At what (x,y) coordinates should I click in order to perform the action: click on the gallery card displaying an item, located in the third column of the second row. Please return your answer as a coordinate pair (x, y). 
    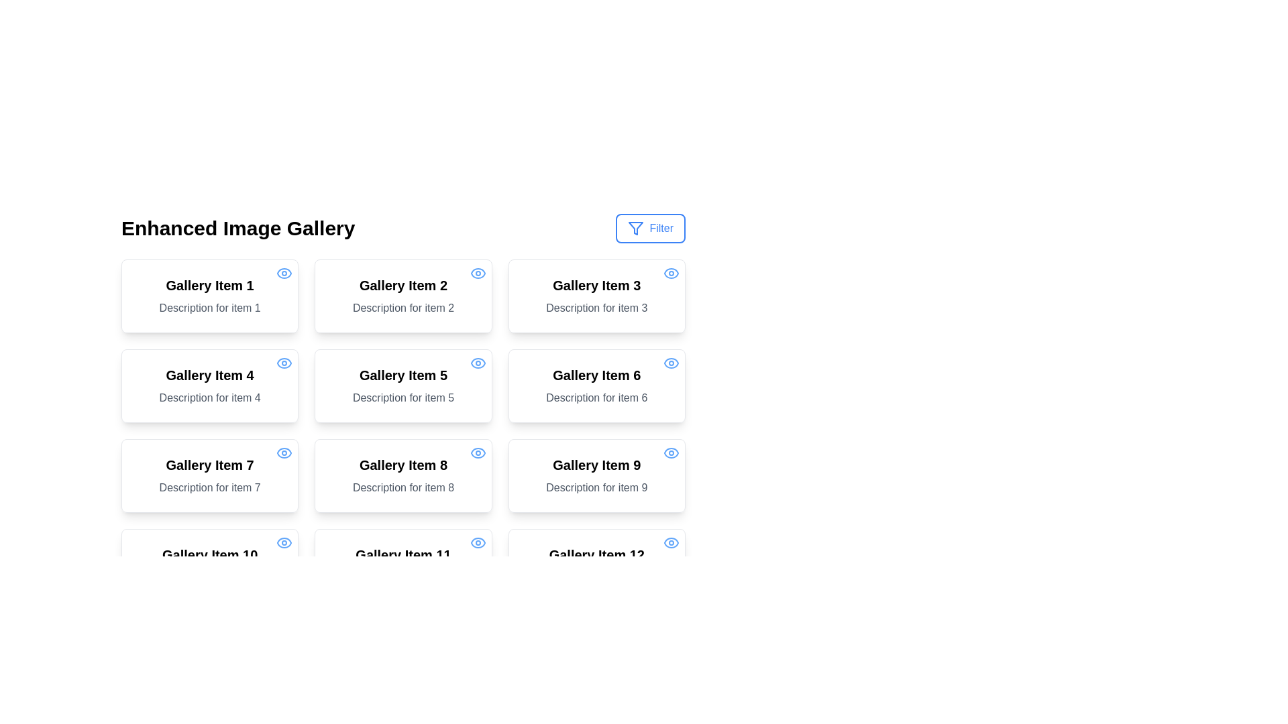
    Looking at the image, I should click on (596, 385).